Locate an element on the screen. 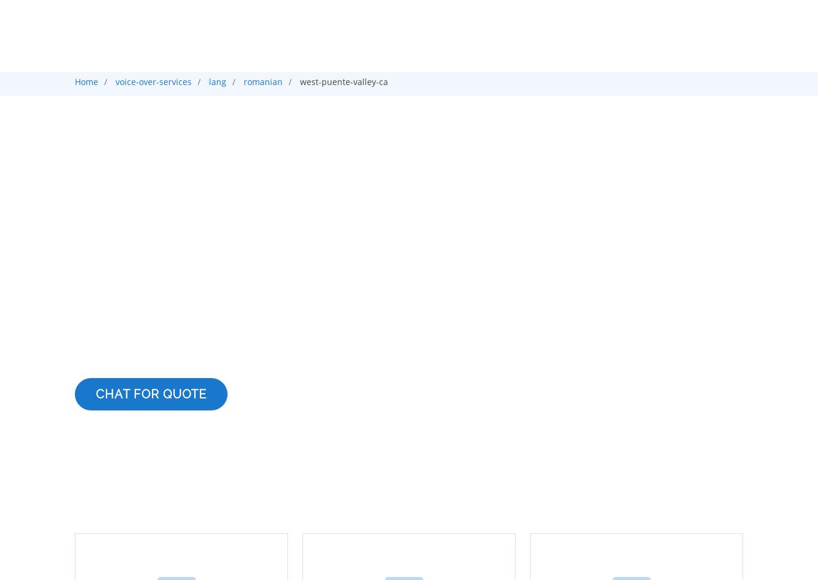 Image resolution: width=818 pixels, height=580 pixels. 'Document' is located at coordinates (396, 129).